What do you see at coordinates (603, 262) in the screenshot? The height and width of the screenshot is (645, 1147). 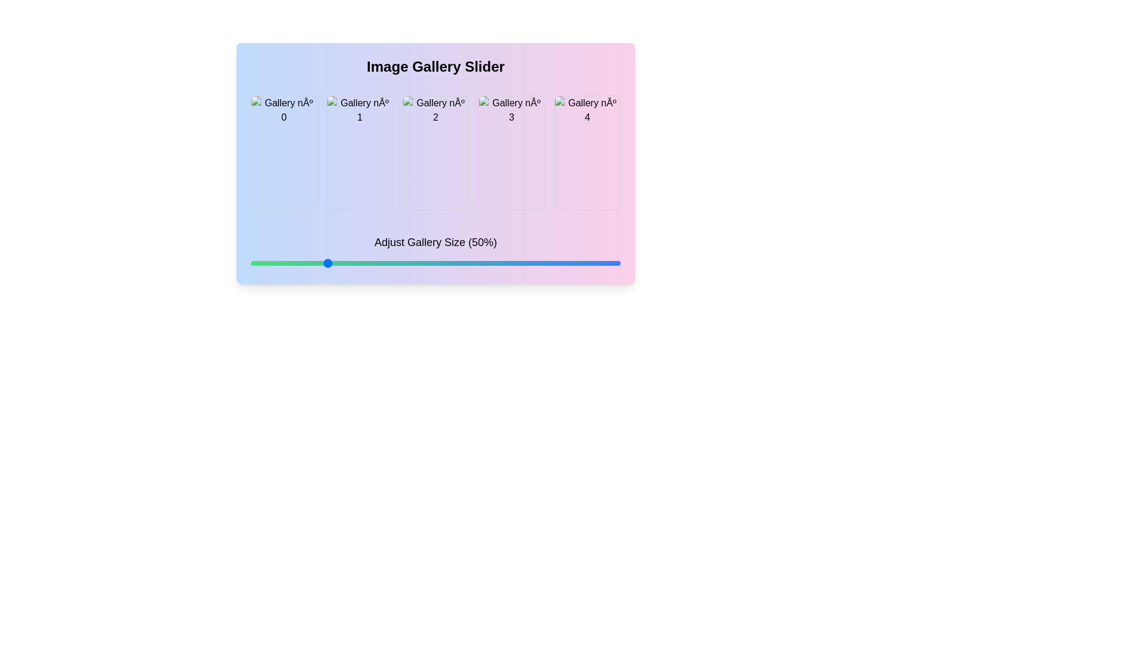 I see `the gallery size slider to 144%` at bounding box center [603, 262].